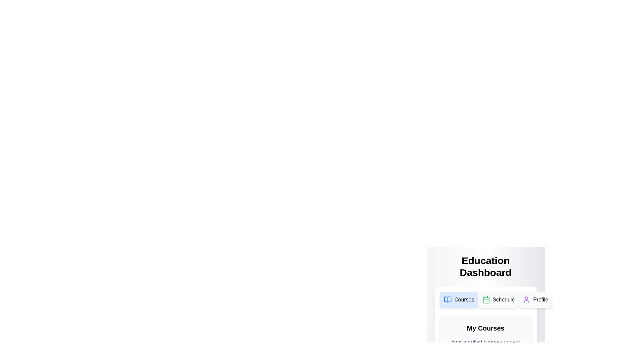  Describe the element at coordinates (526, 299) in the screenshot. I see `the Profile button icon located at the rightmost position in the top navigation bar to interact with it` at that location.